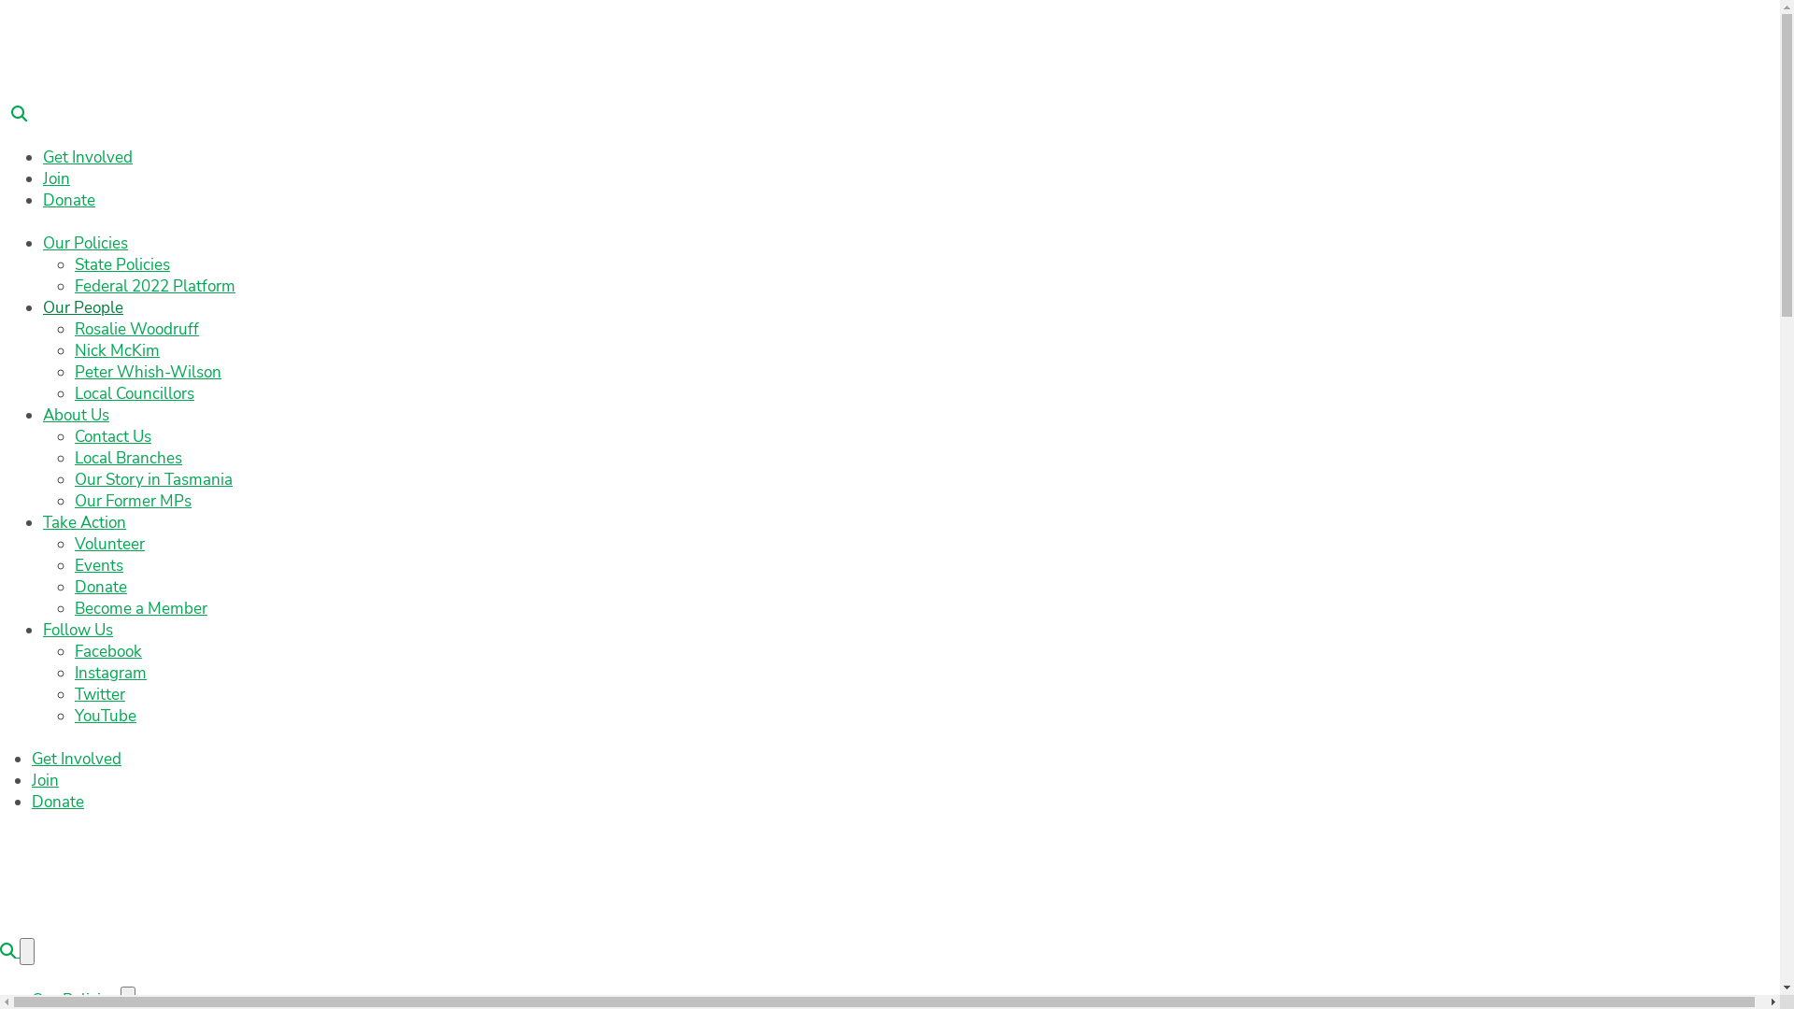 This screenshot has width=1794, height=1009. What do you see at coordinates (107, 650) in the screenshot?
I see `'Facebook'` at bounding box center [107, 650].